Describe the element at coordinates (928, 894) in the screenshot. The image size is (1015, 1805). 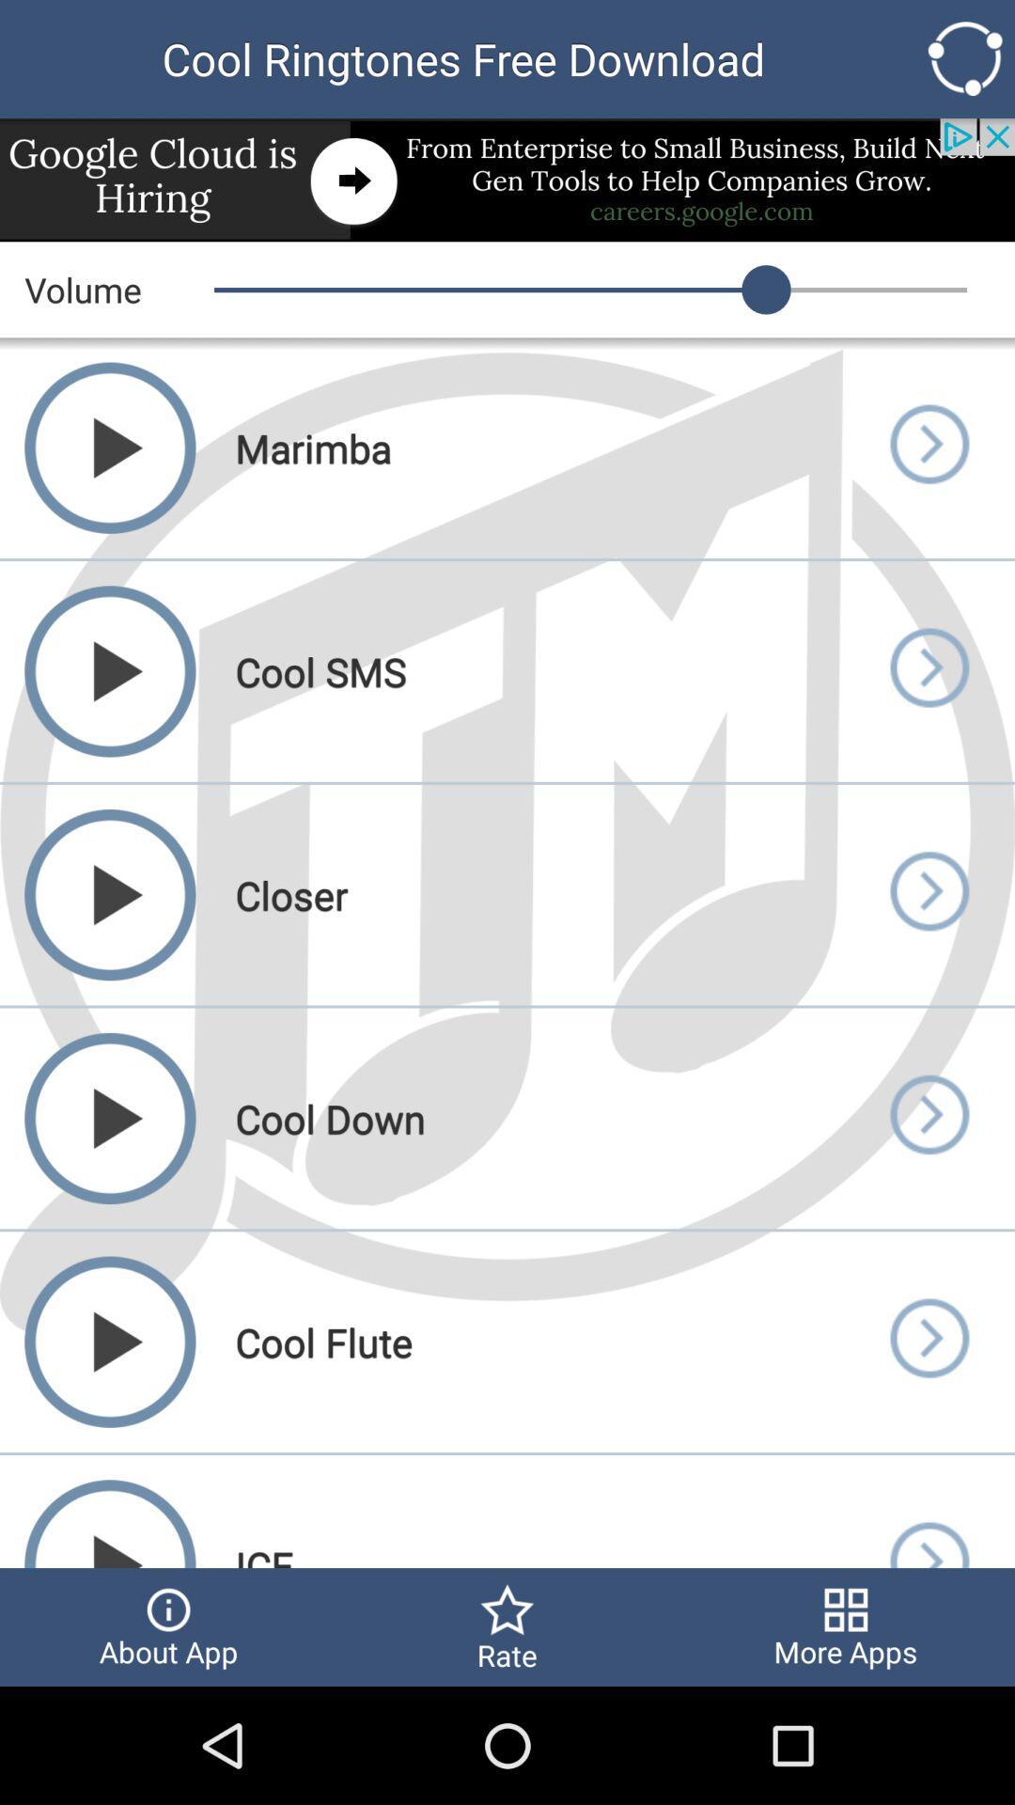
I see `goto next` at that location.